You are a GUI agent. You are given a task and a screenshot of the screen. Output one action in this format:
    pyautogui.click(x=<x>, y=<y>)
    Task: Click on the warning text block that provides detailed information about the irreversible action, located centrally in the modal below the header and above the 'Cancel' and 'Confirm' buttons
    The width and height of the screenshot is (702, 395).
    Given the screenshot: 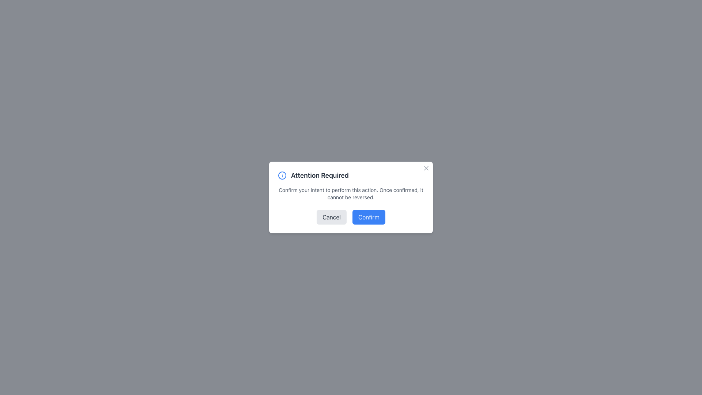 What is the action you would take?
    pyautogui.click(x=351, y=193)
    